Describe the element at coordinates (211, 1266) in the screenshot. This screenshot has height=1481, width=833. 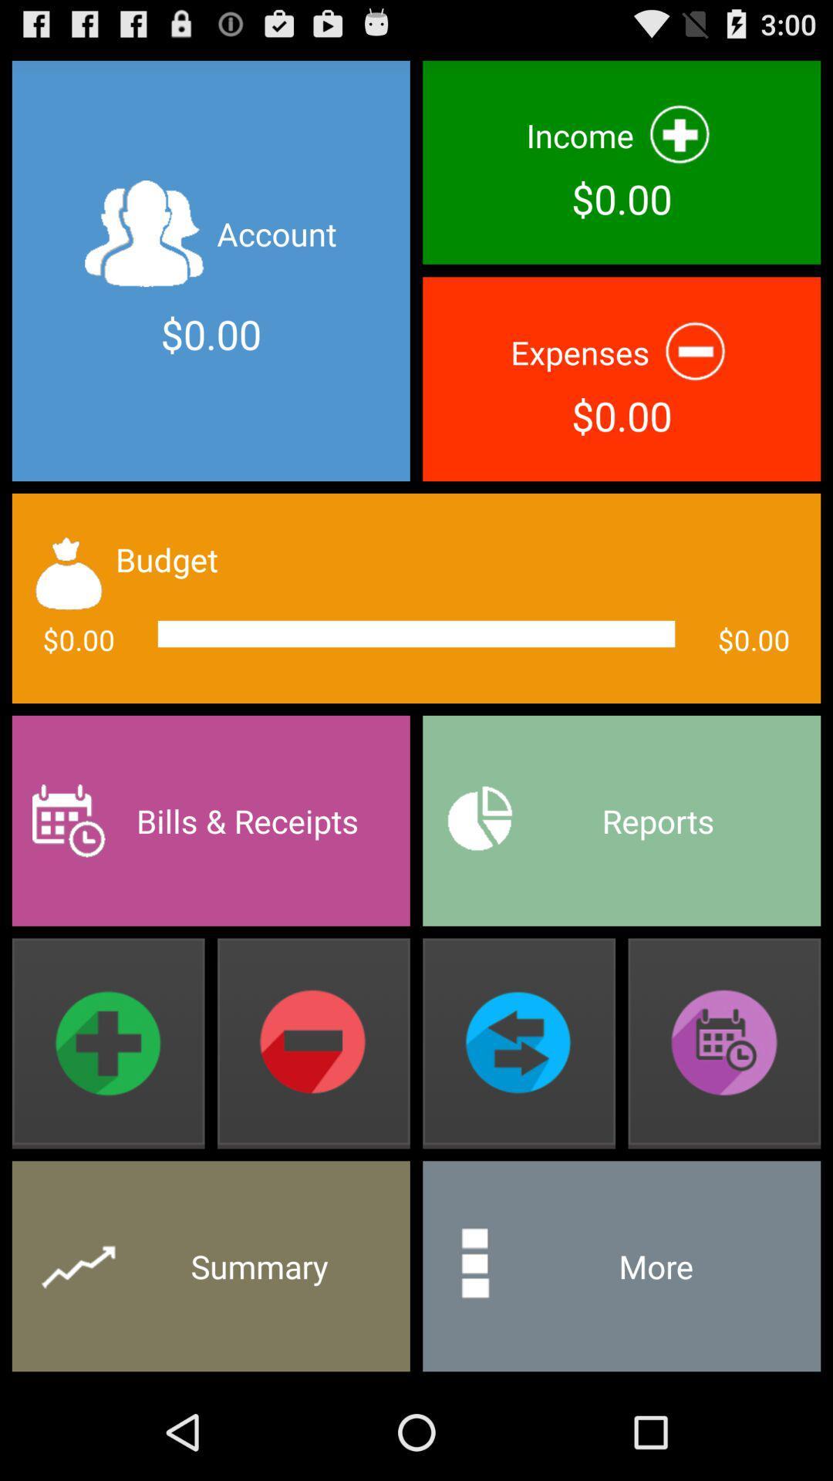
I see `the summary` at that location.